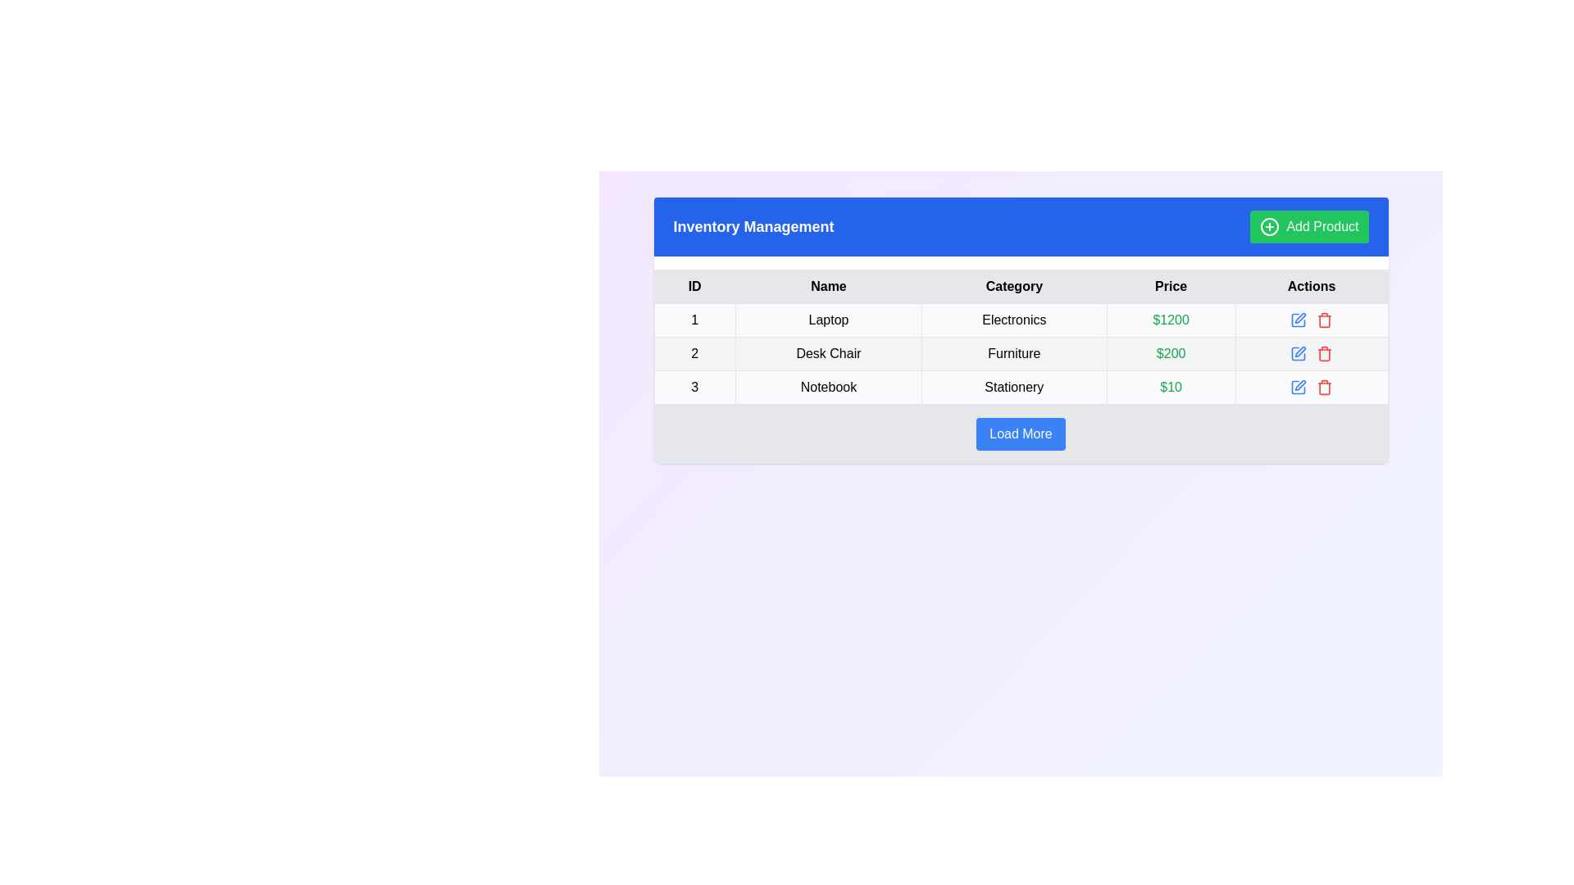  What do you see at coordinates (1312, 388) in the screenshot?
I see `the interactive elements in the last cell of the row with ID 3, which contains action buttons for editing or deleting entries` at bounding box center [1312, 388].